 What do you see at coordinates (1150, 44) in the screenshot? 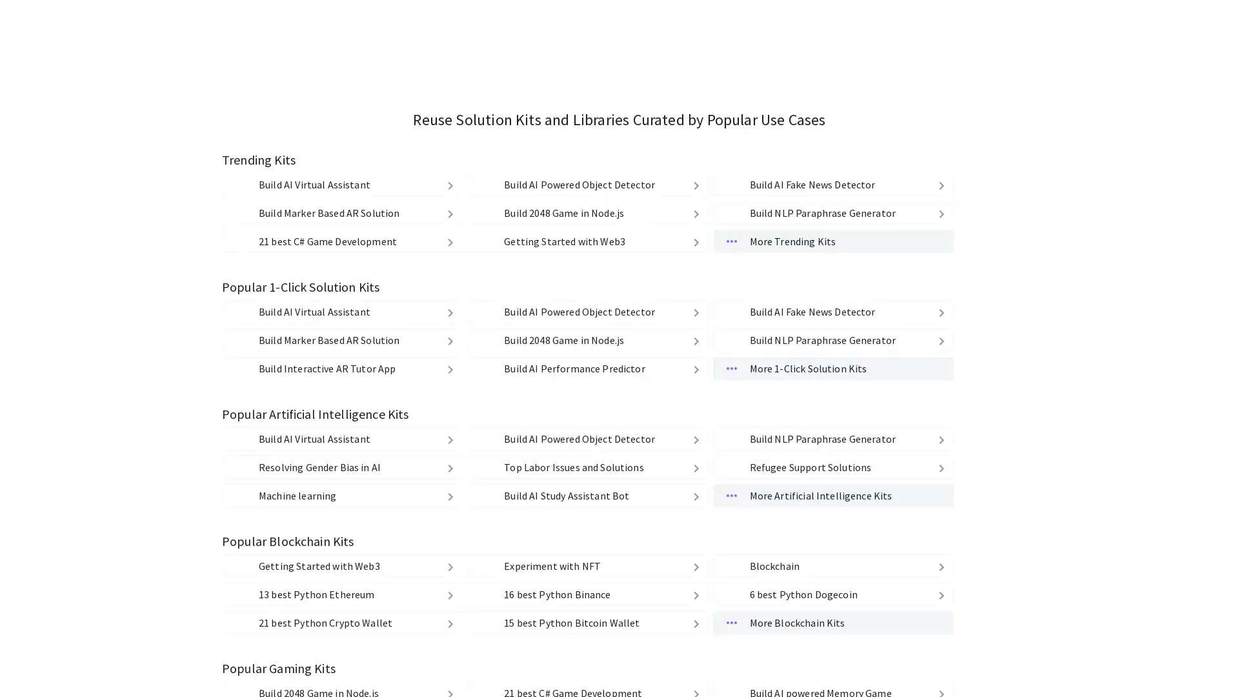
I see `kandi facebook` at bounding box center [1150, 44].